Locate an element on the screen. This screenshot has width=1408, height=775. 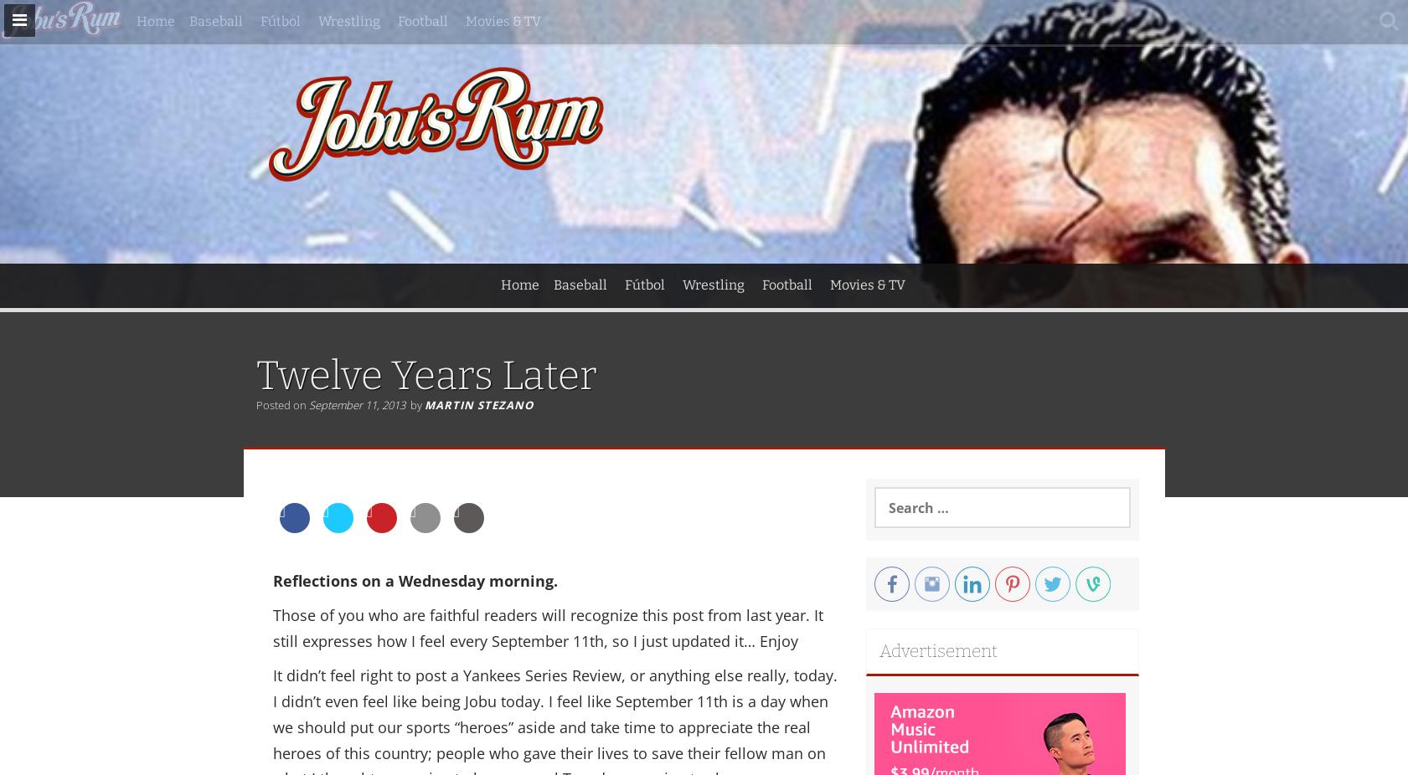
'Home' is located at coordinates (498, 284).